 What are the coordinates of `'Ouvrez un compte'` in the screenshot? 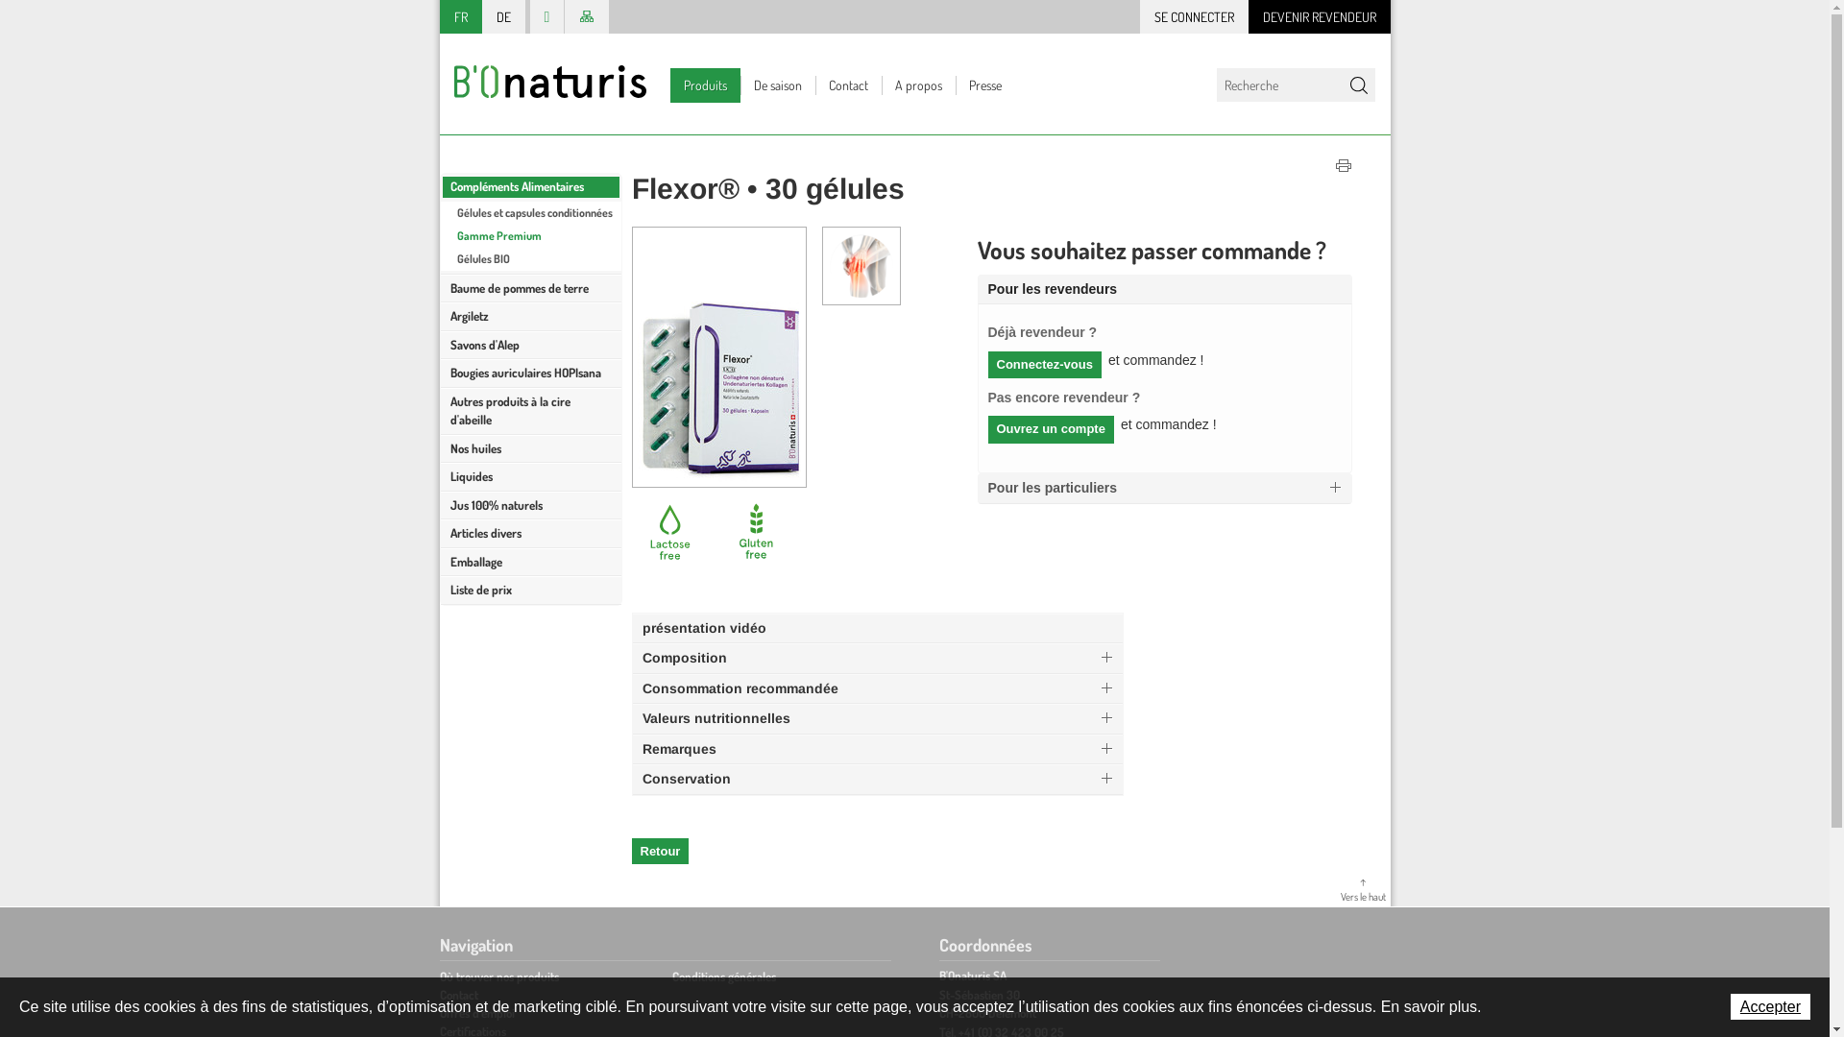 It's located at (1049, 428).